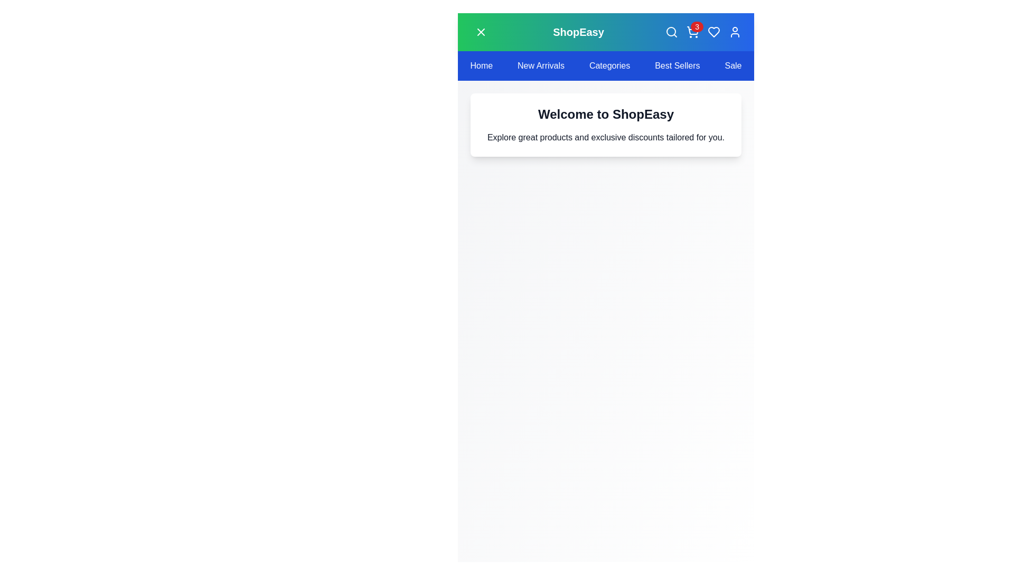 The width and height of the screenshot is (1014, 570). Describe the element at coordinates (609, 65) in the screenshot. I see `the navbar item labeled 'Categories' to navigate to the corresponding section` at that location.